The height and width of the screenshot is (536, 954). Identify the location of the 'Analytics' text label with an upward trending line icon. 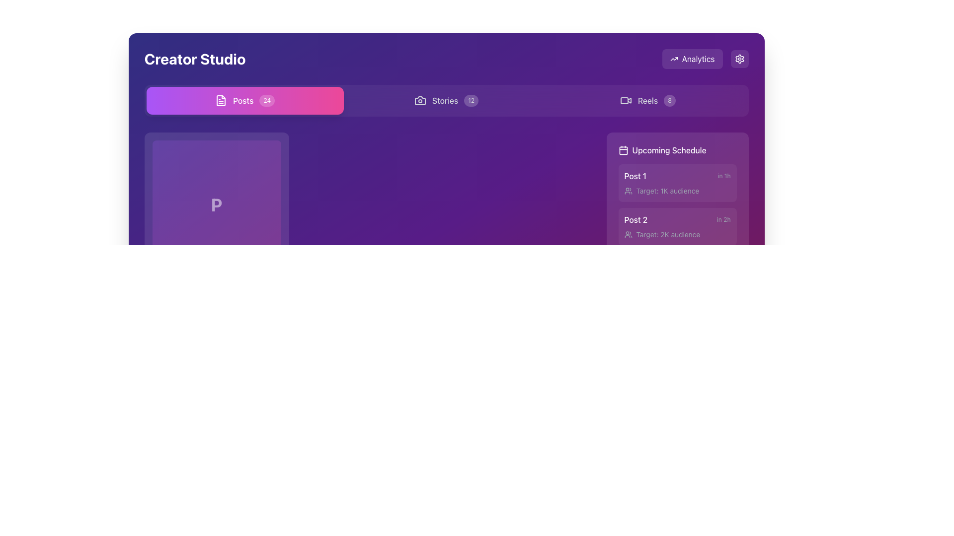
(705, 59).